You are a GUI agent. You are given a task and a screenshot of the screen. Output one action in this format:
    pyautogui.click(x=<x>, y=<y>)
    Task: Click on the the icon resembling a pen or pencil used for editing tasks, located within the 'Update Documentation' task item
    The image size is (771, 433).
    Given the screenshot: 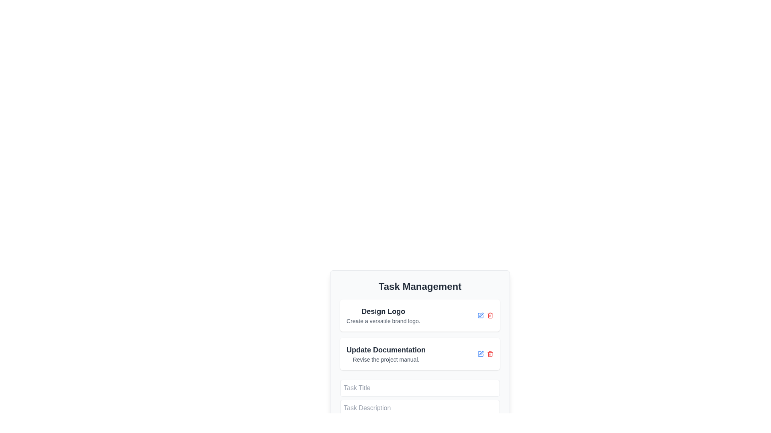 What is the action you would take?
    pyautogui.click(x=481, y=352)
    